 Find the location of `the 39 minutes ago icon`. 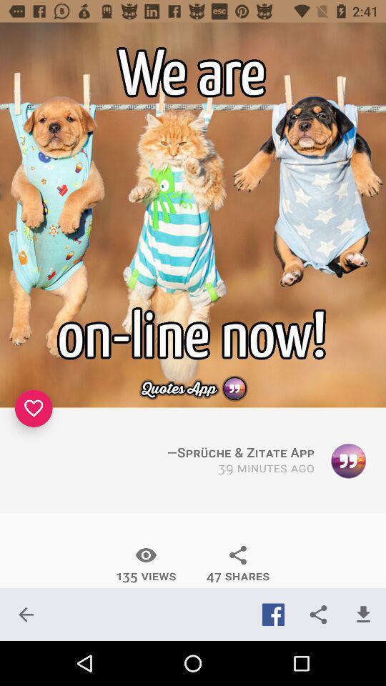

the 39 minutes ago icon is located at coordinates (266, 467).